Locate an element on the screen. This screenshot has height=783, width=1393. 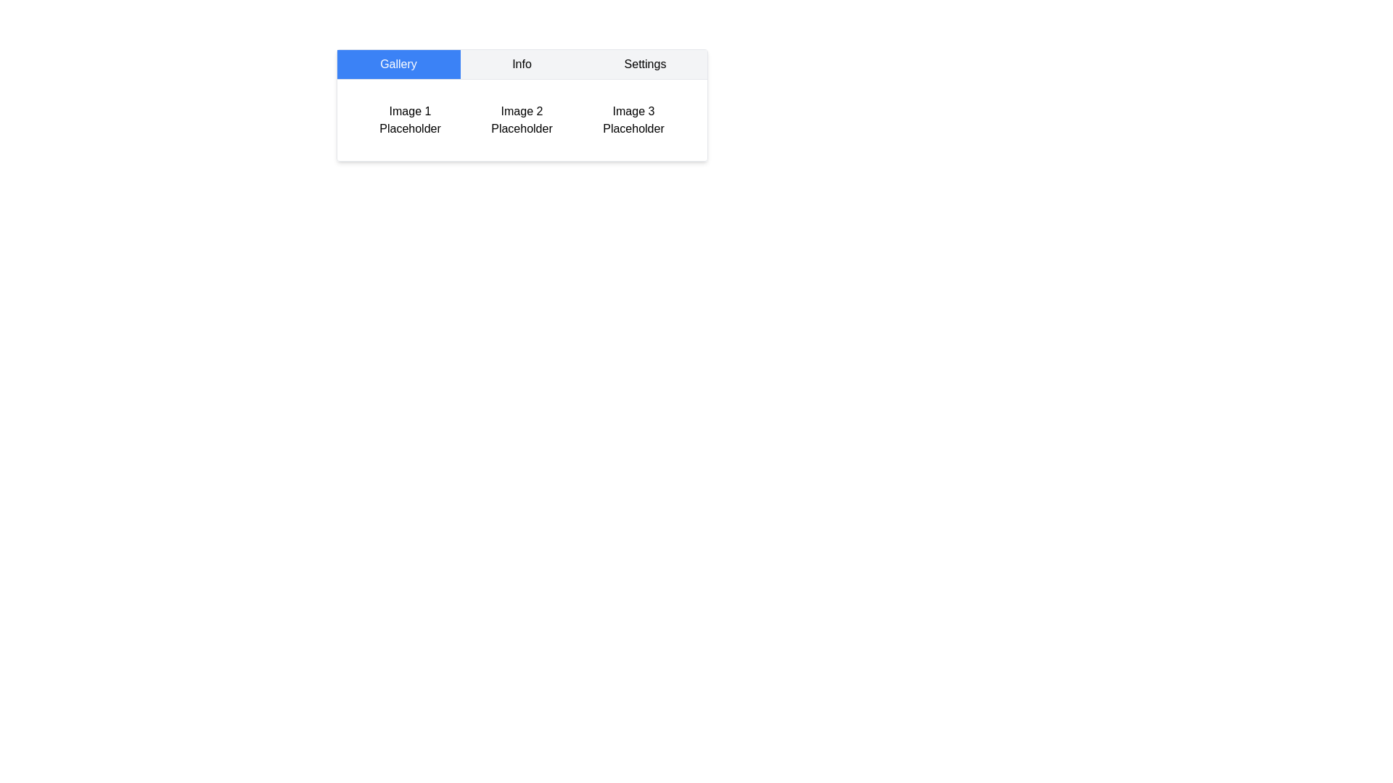
the Settings tab by clicking its button is located at coordinates (644, 63).